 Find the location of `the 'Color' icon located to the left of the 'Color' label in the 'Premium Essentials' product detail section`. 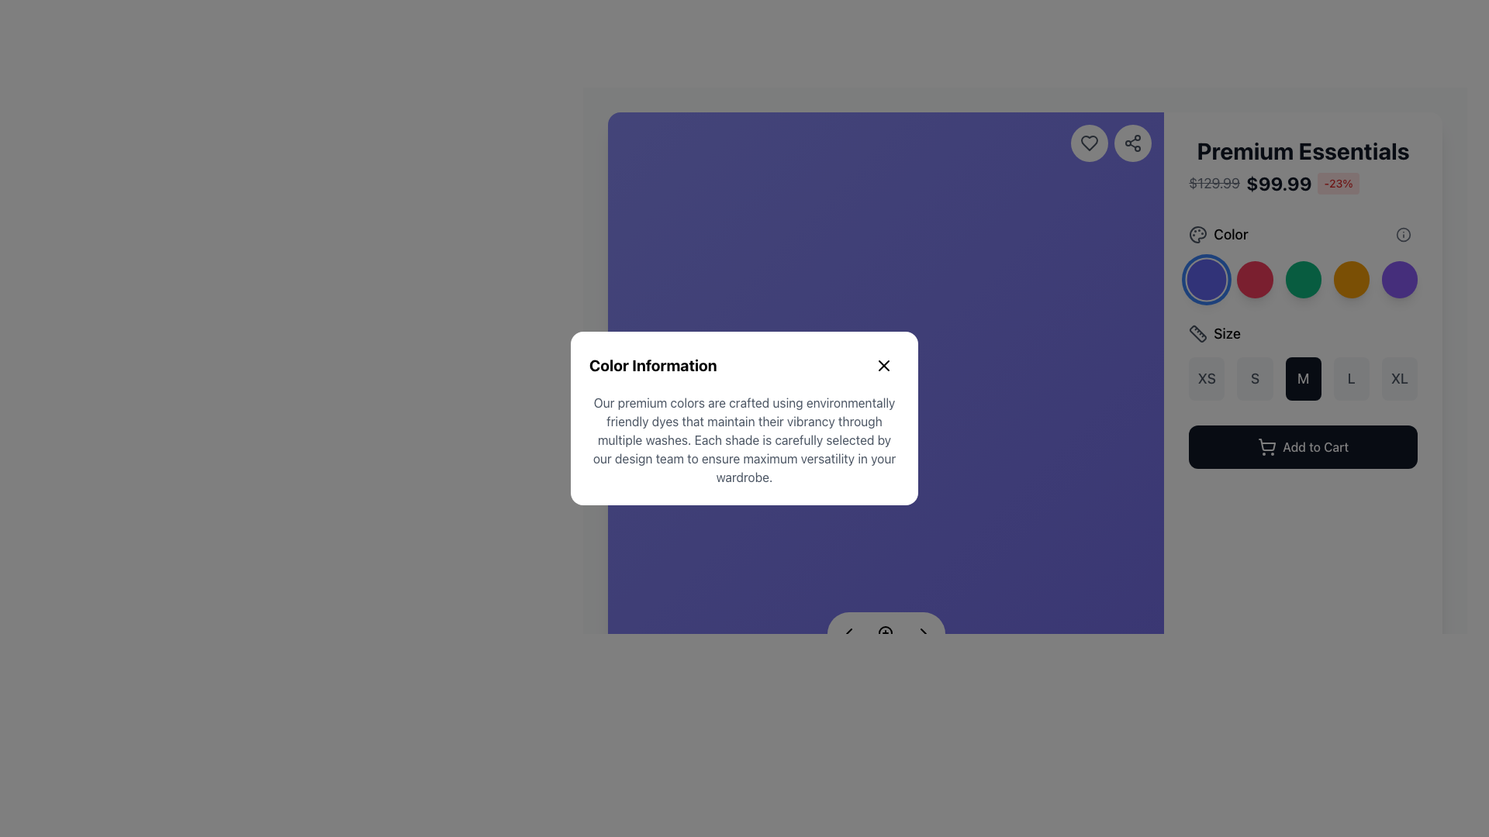

the 'Color' icon located to the left of the 'Color' label in the 'Premium Essentials' product detail section is located at coordinates (1197, 235).